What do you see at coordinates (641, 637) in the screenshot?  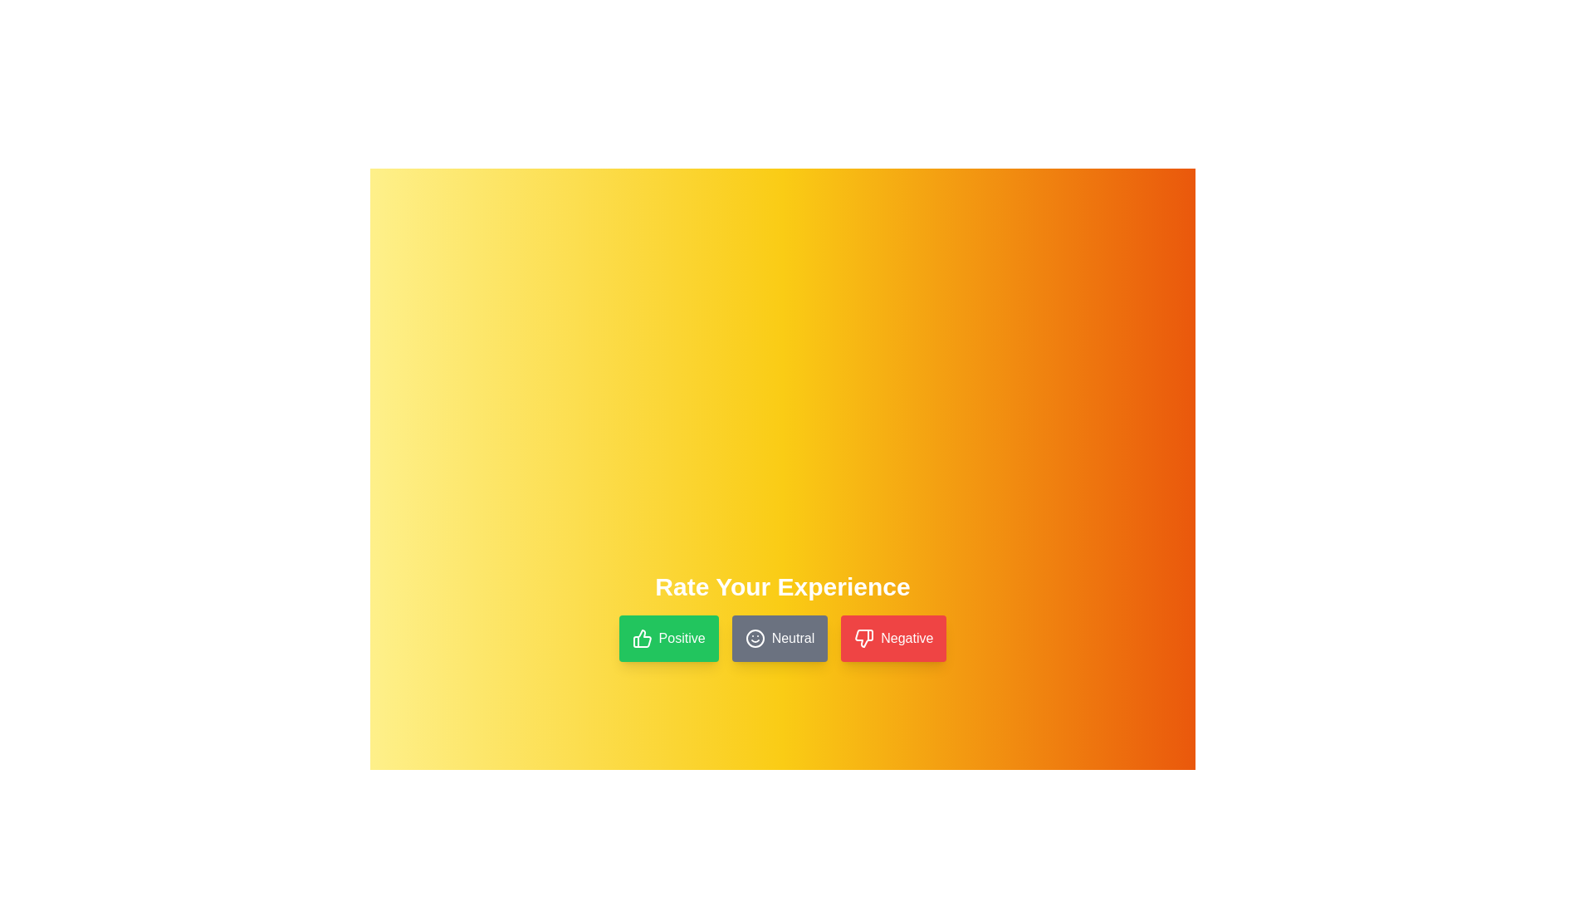 I see `the 'Positive' icon located within the green button labeled 'Positive', which is the first button in a horizontal set of three buttons below the 'Rate Your Experience' text` at bounding box center [641, 637].